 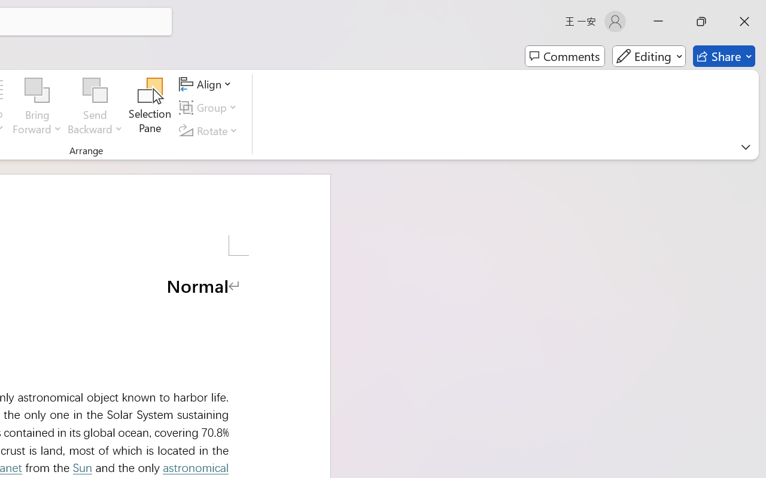 What do you see at coordinates (150, 107) in the screenshot?
I see `'Selection Pane...'` at bounding box center [150, 107].